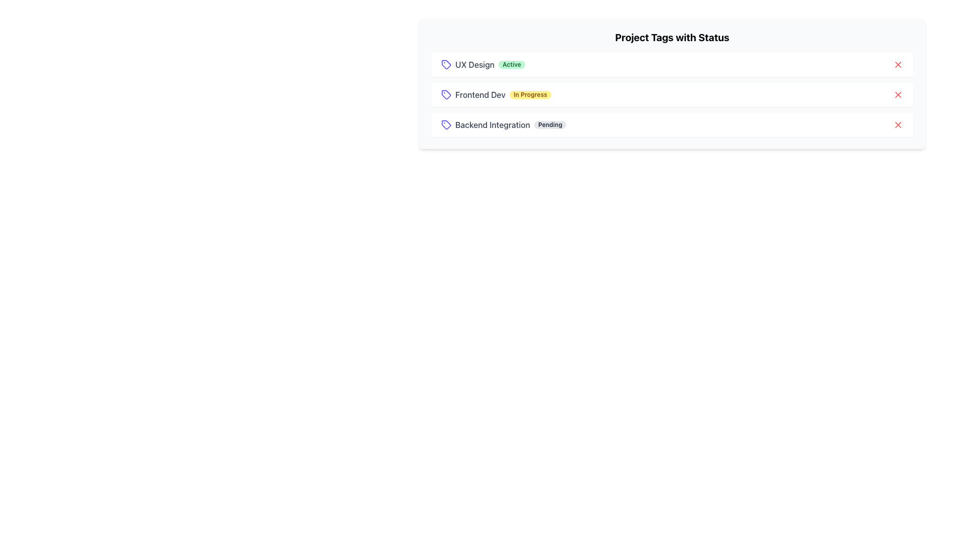  I want to click on the indigo-colored tag icon located in the second row of the list, before the text 'Frontend Dev' and to the left of 'In Progress', so click(445, 95).